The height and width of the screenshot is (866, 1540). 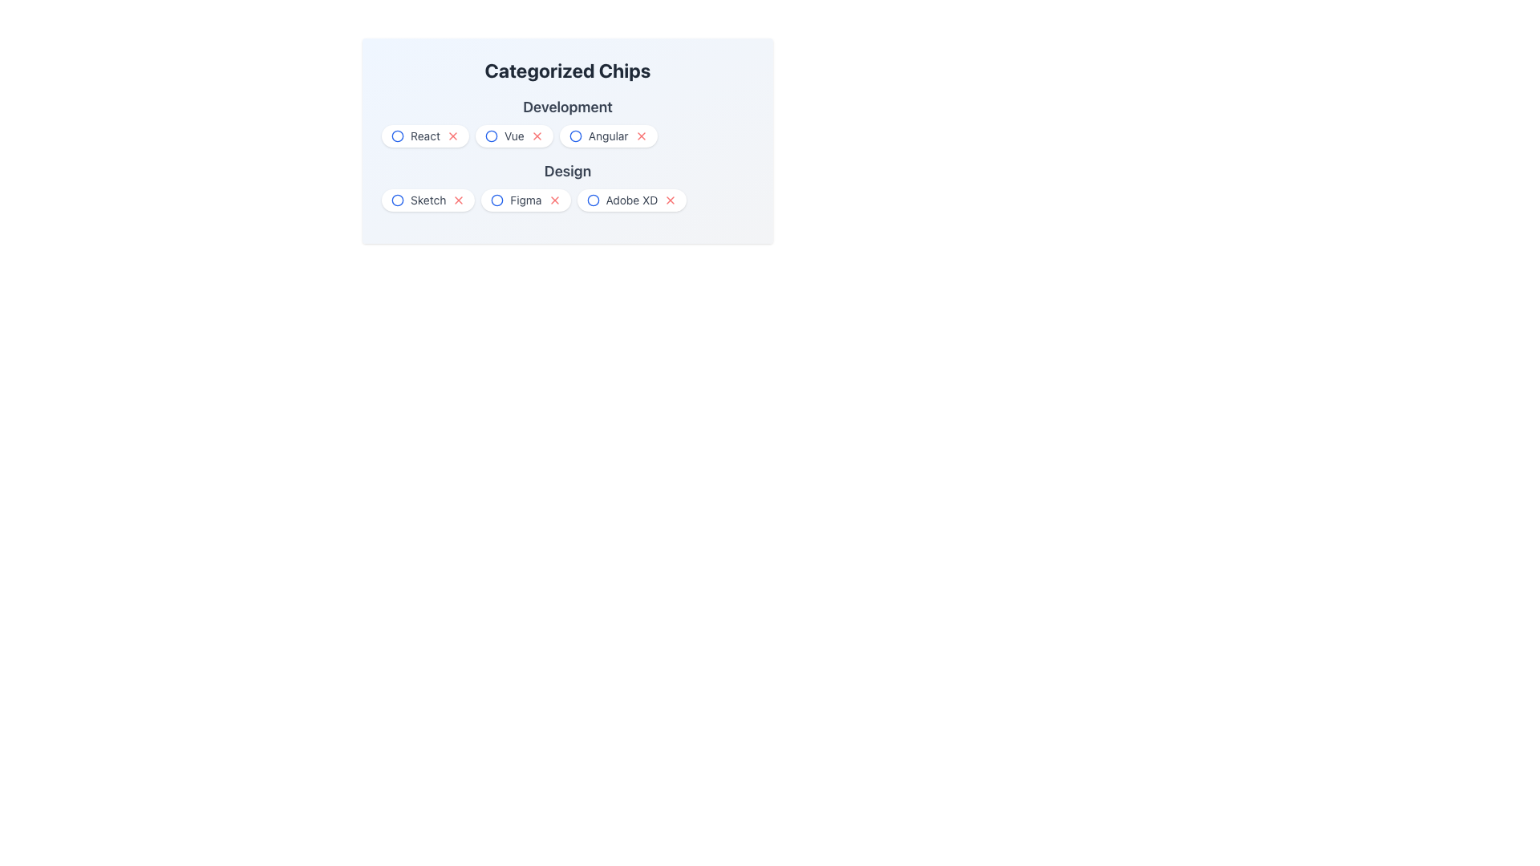 What do you see at coordinates (525, 200) in the screenshot?
I see `the 'Figma' button, which is a rounded rectangular button with a white background, gray text, and a blue symbol on the left, located between 'Sketch' and 'Adobe XD' in the 'Design' category` at bounding box center [525, 200].